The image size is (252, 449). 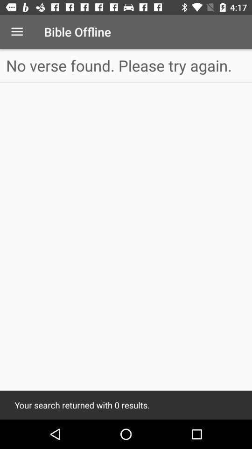 I want to click on the no verse found at the top, so click(x=126, y=65).